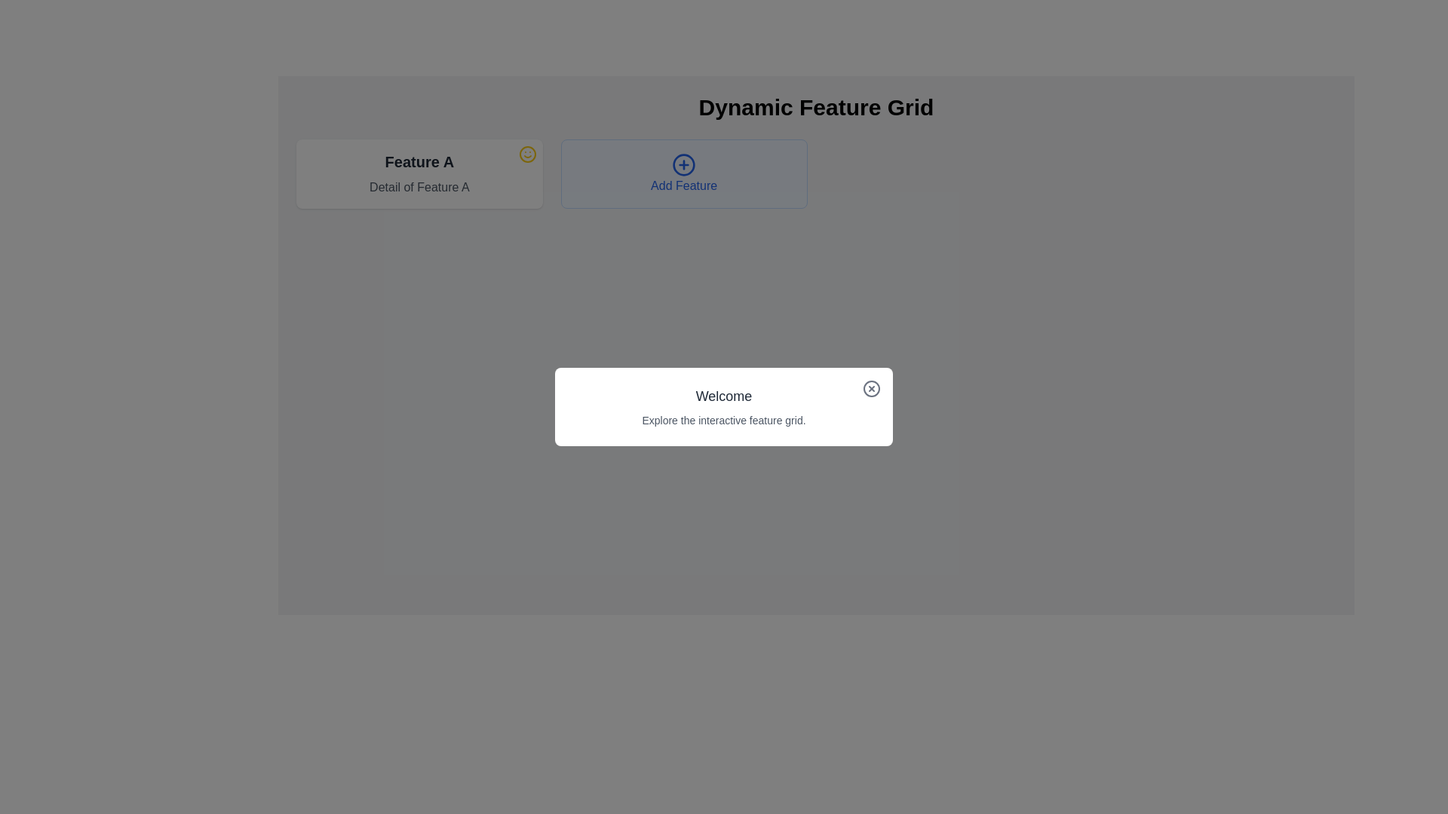 The width and height of the screenshot is (1448, 814). I want to click on the static text element containing 'Detail of Feature A' which is styled with a gray font and situated below the 'Feature A' heading, so click(419, 187).